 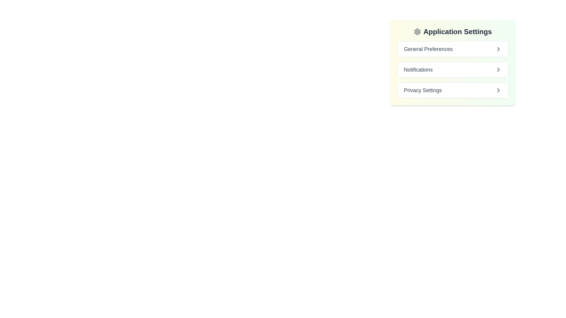 What do you see at coordinates (498, 49) in the screenshot?
I see `the navigation icon located to the far right of the 'General Preferences' option within the 'Application Settings' panel, which indicates further options for settings` at bounding box center [498, 49].